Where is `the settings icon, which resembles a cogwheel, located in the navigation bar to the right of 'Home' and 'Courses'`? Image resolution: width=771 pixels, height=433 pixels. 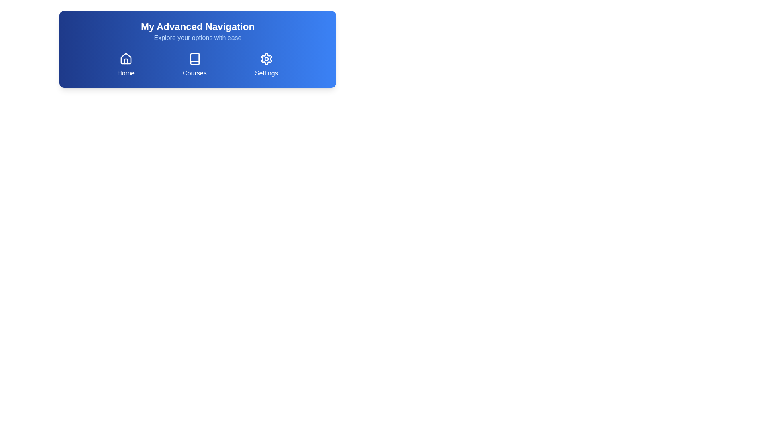
the settings icon, which resembles a cogwheel, located in the navigation bar to the right of 'Home' and 'Courses' is located at coordinates (266, 58).